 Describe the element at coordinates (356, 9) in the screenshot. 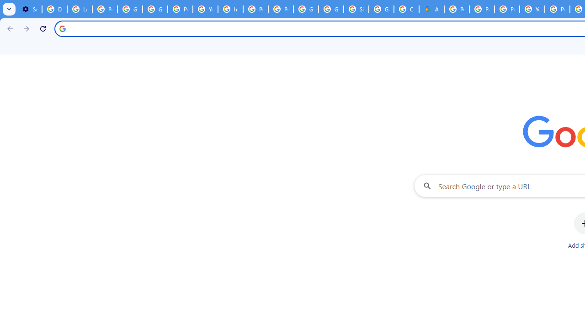

I see `'Sign in - Google Accounts'` at that location.